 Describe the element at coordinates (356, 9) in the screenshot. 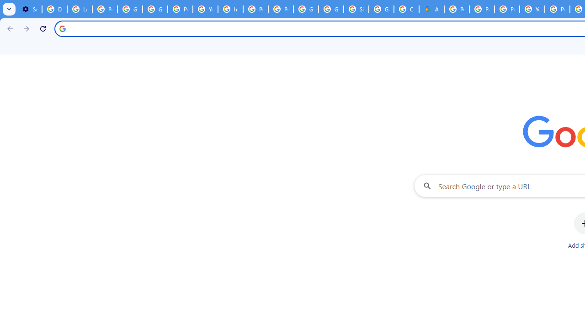

I see `'Sign in - Google Accounts'` at that location.